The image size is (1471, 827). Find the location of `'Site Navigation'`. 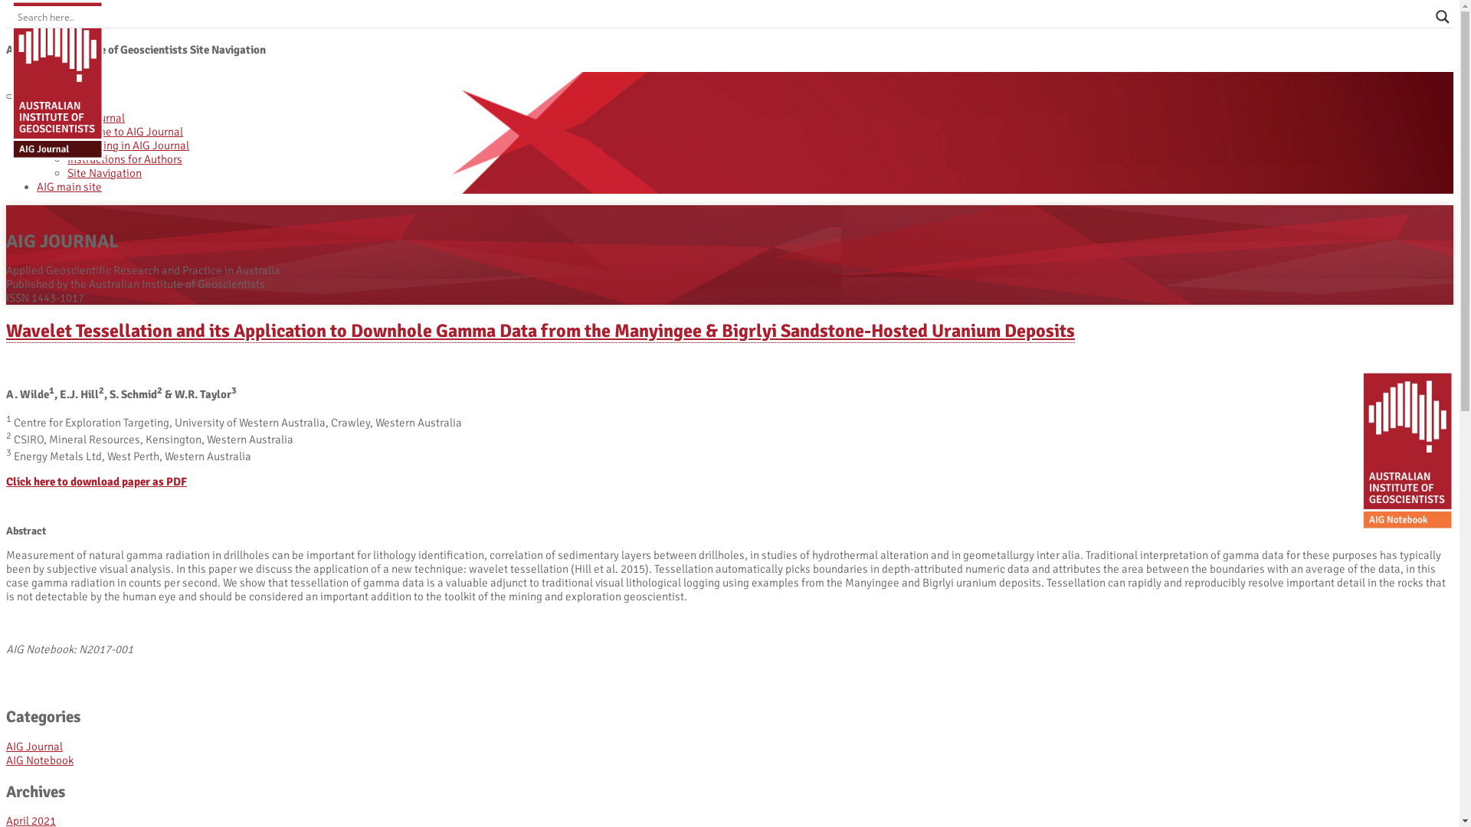

'Site Navigation' is located at coordinates (103, 172).